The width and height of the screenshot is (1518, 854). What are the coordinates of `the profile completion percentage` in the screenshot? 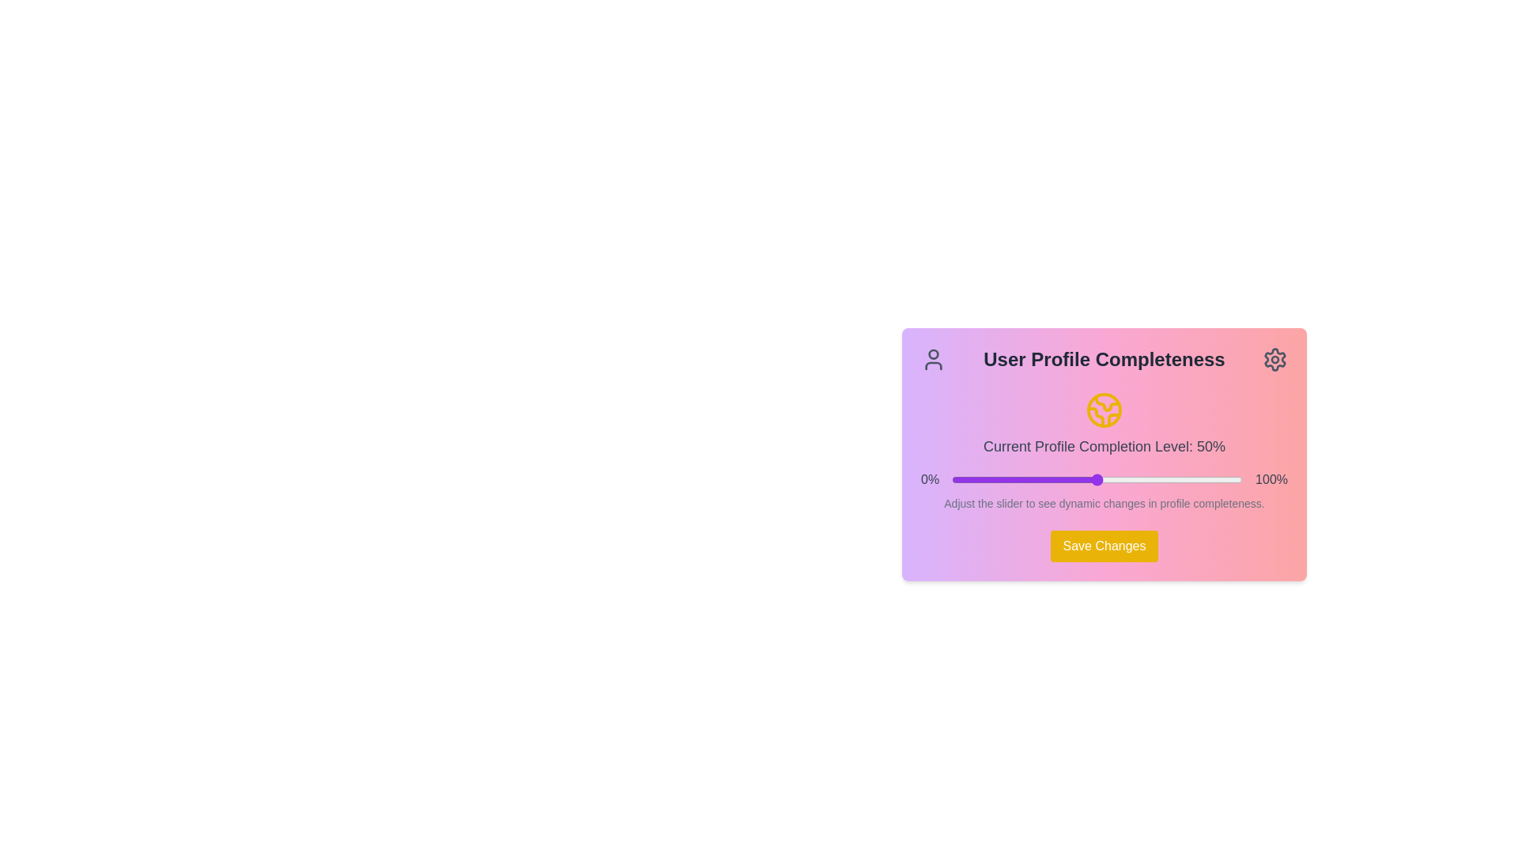 It's located at (991, 478).